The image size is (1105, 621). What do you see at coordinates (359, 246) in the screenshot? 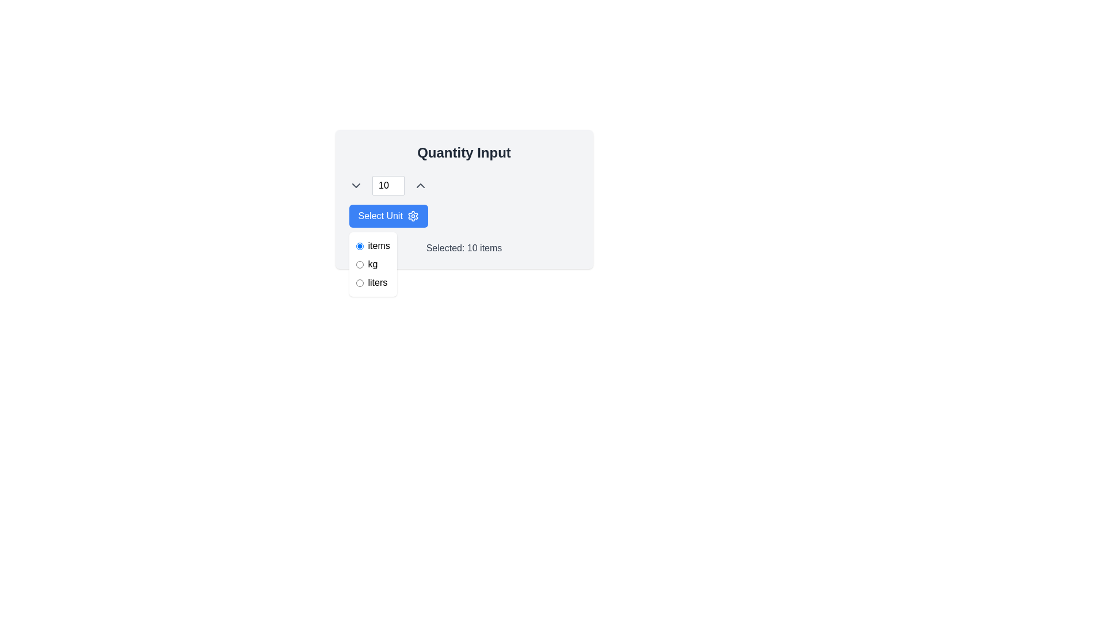
I see `the radio button located to the left of the 'items' label` at bounding box center [359, 246].